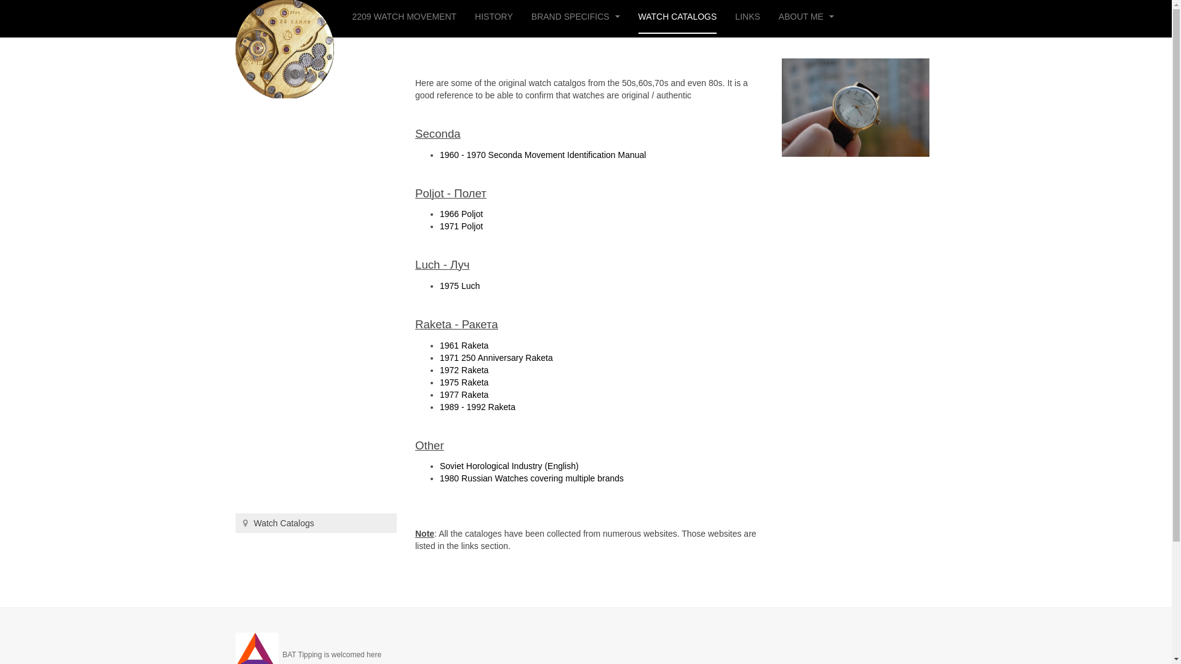 The width and height of the screenshot is (1181, 664). I want to click on '2209 WATCH MOVEMENT', so click(404, 17).